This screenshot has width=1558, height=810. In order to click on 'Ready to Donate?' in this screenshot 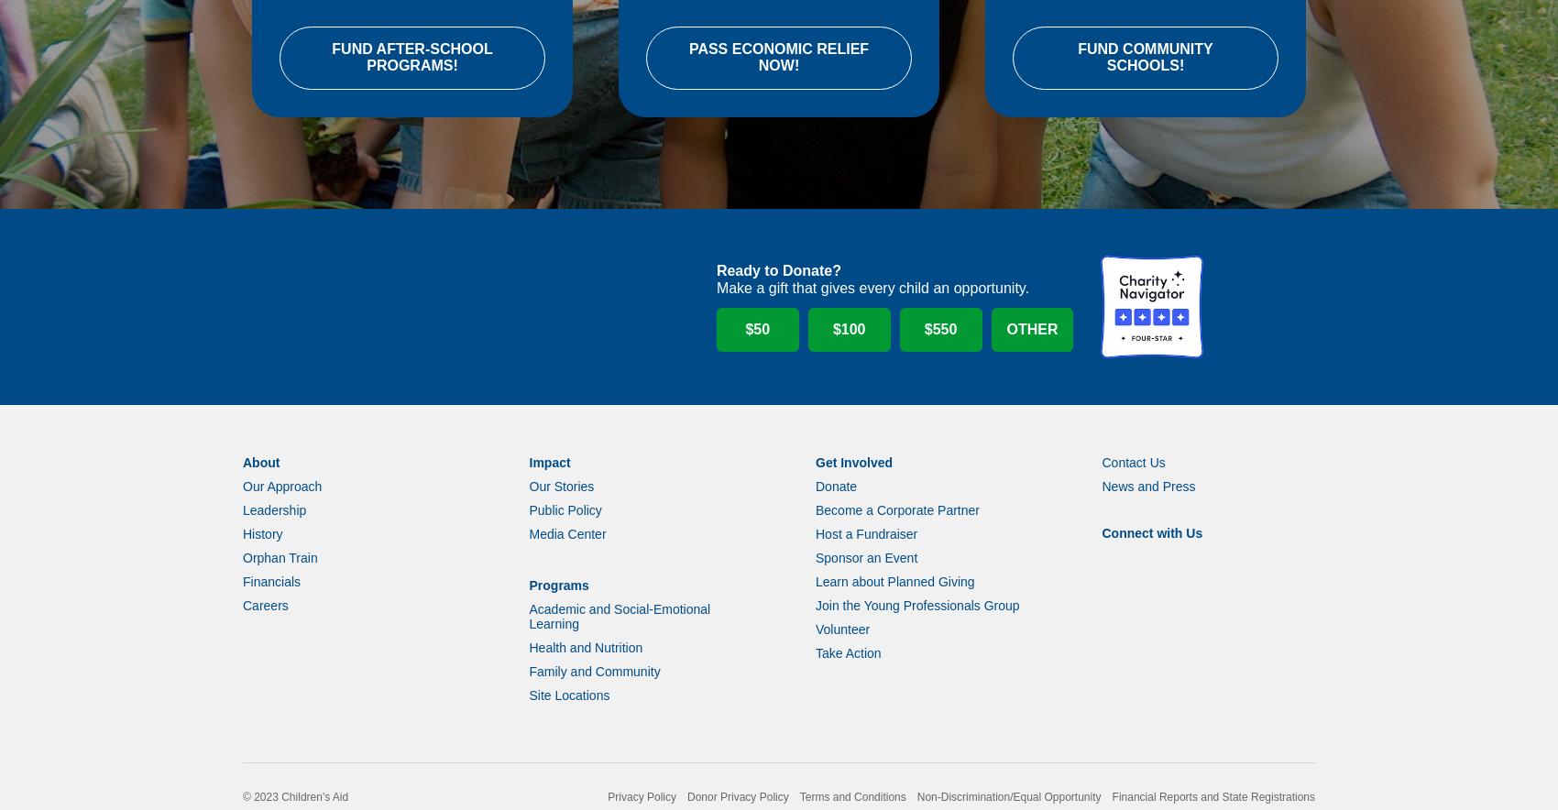, I will do `click(714, 294)`.